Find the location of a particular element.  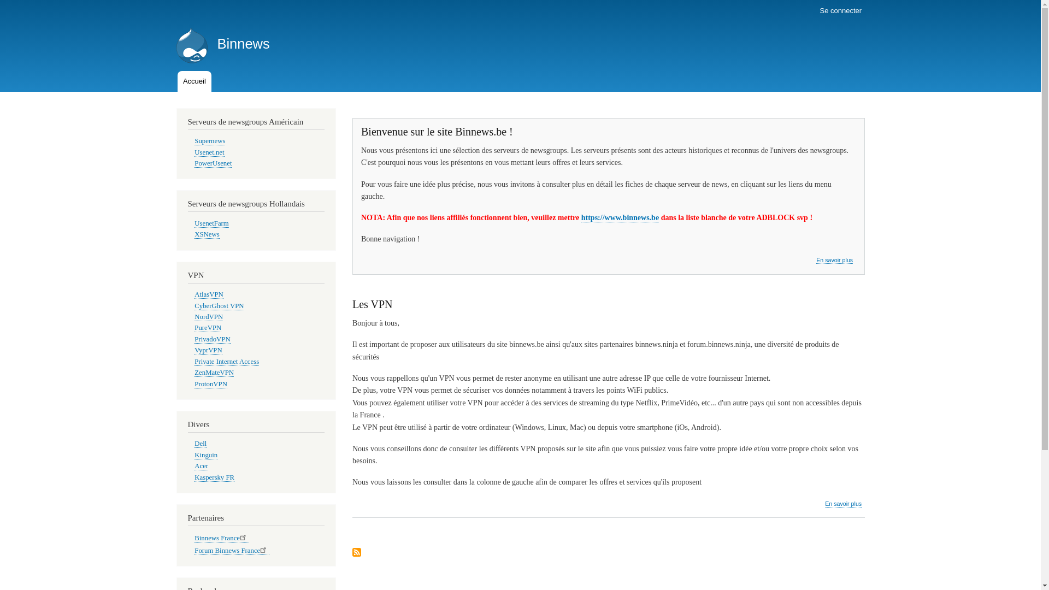

'En savoir plus is located at coordinates (825, 504).